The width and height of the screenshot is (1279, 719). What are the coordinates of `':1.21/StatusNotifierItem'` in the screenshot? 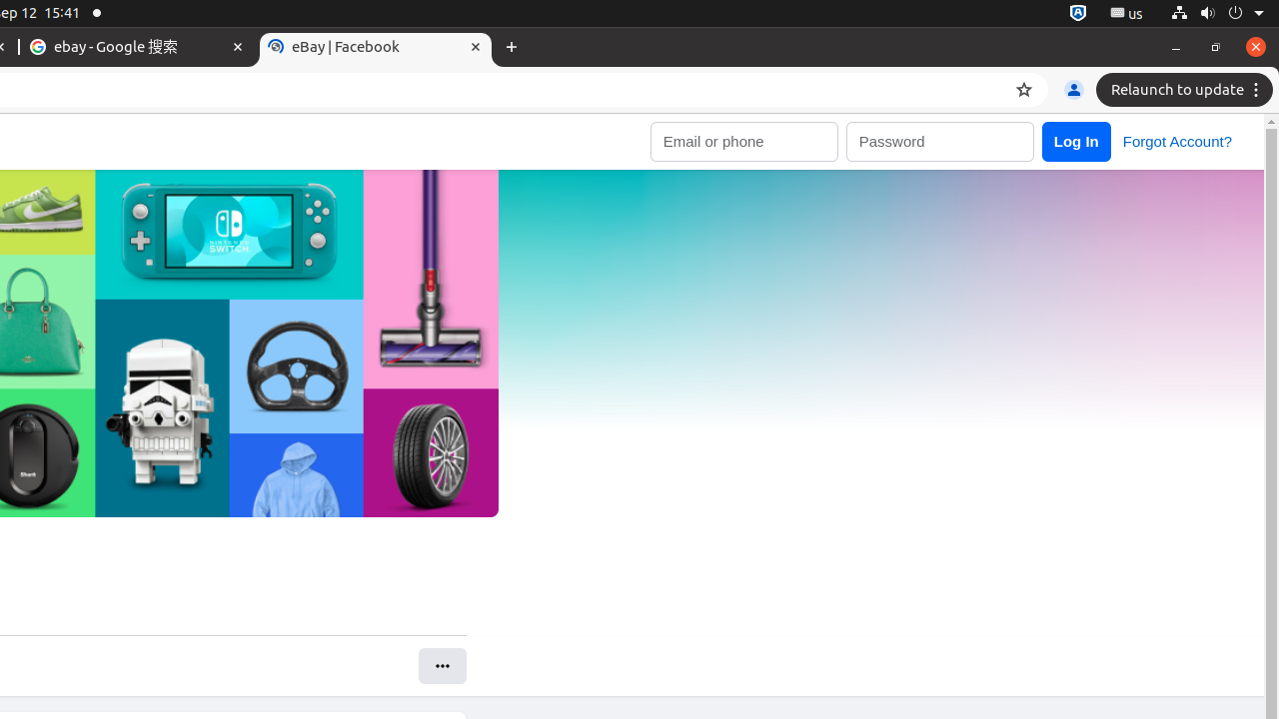 It's located at (1126, 13).